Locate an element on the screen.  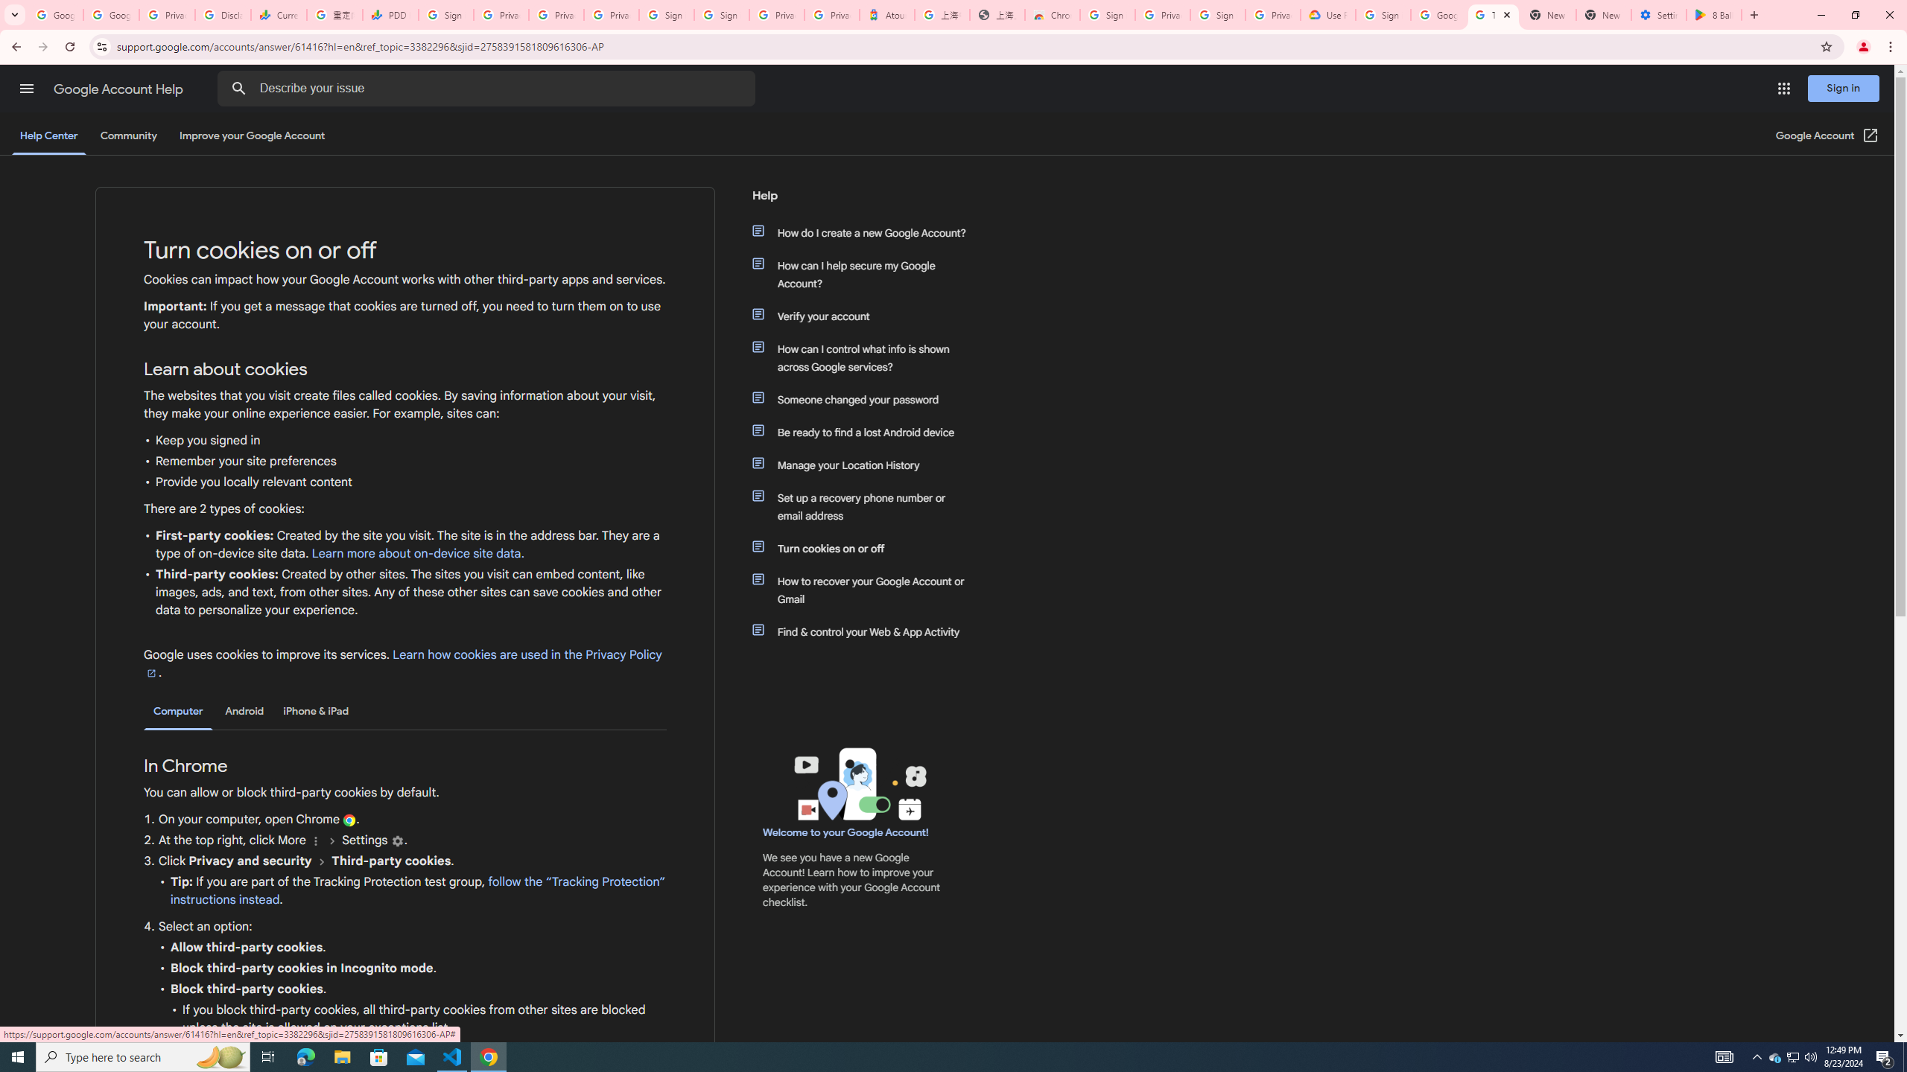
'How to recover your Google Account or Gmail' is located at coordinates (866, 590).